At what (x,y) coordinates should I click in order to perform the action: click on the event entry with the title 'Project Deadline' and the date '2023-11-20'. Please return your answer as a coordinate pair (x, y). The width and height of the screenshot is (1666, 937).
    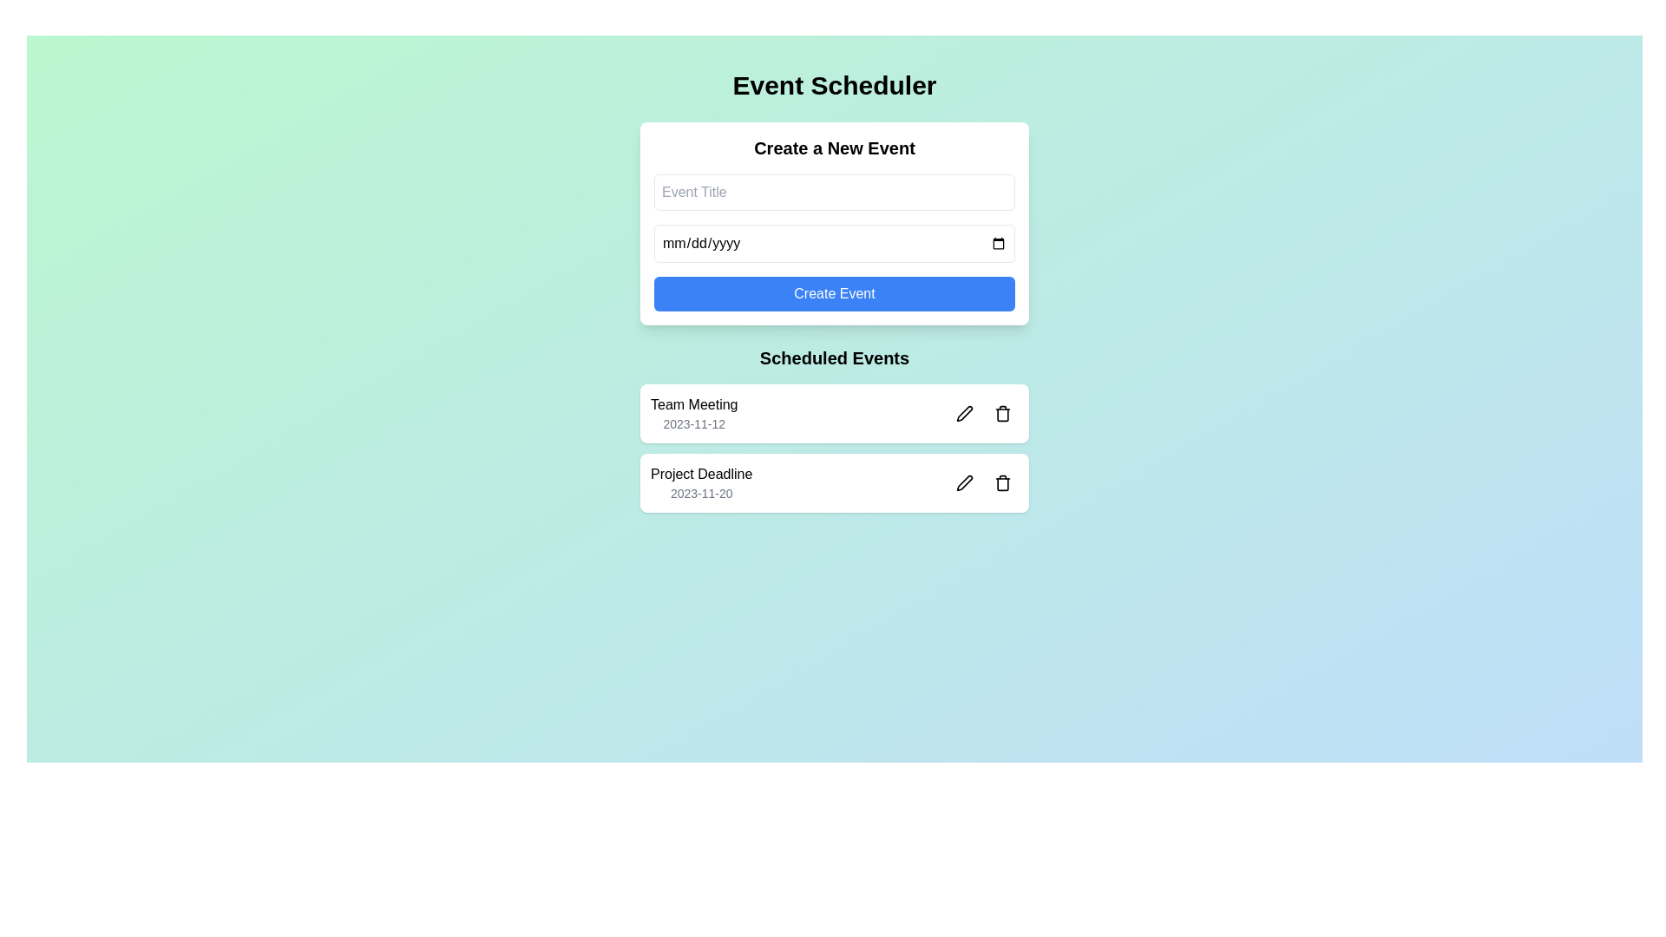
    Looking at the image, I should click on (834, 482).